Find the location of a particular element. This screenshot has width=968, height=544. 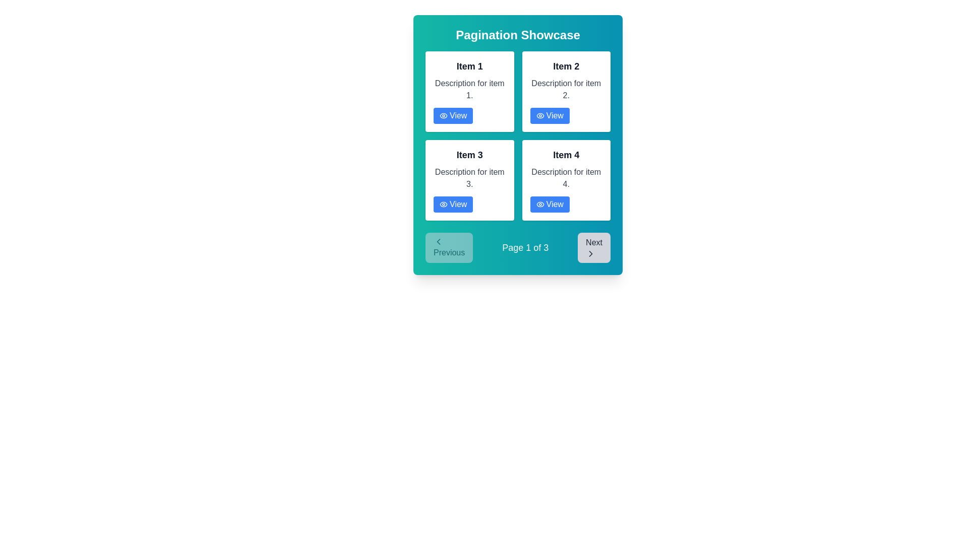

the text component containing the string 'Description for item 4.' located below the title 'Item 4' in the Pagination Showcase is located at coordinates (566, 178).